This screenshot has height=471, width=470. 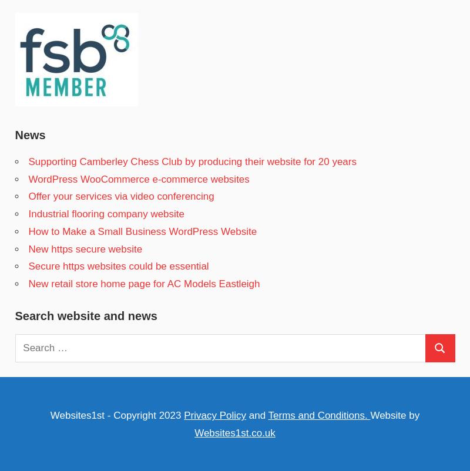 What do you see at coordinates (28, 213) in the screenshot?
I see `'Industrial flooring company website'` at bounding box center [28, 213].